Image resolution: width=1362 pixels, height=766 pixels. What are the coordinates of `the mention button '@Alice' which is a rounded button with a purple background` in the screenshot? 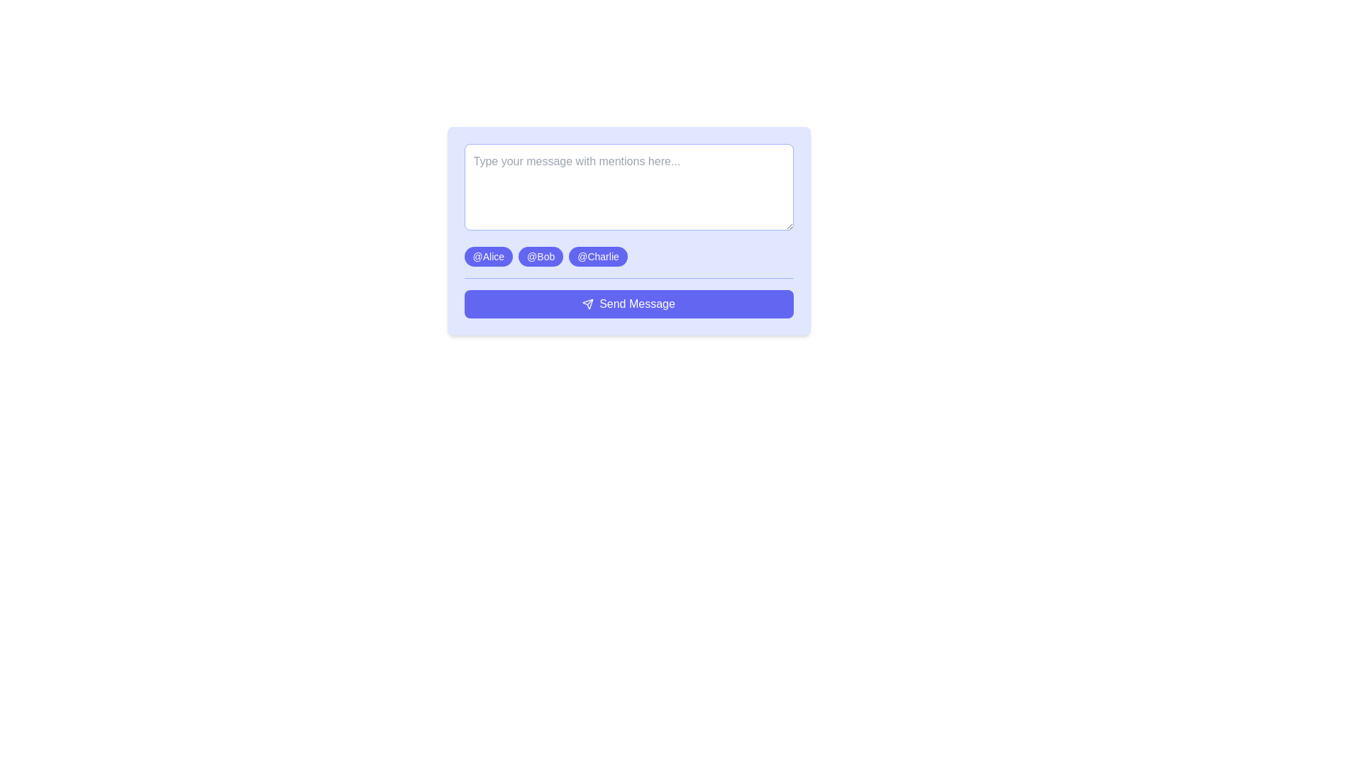 It's located at (488, 257).